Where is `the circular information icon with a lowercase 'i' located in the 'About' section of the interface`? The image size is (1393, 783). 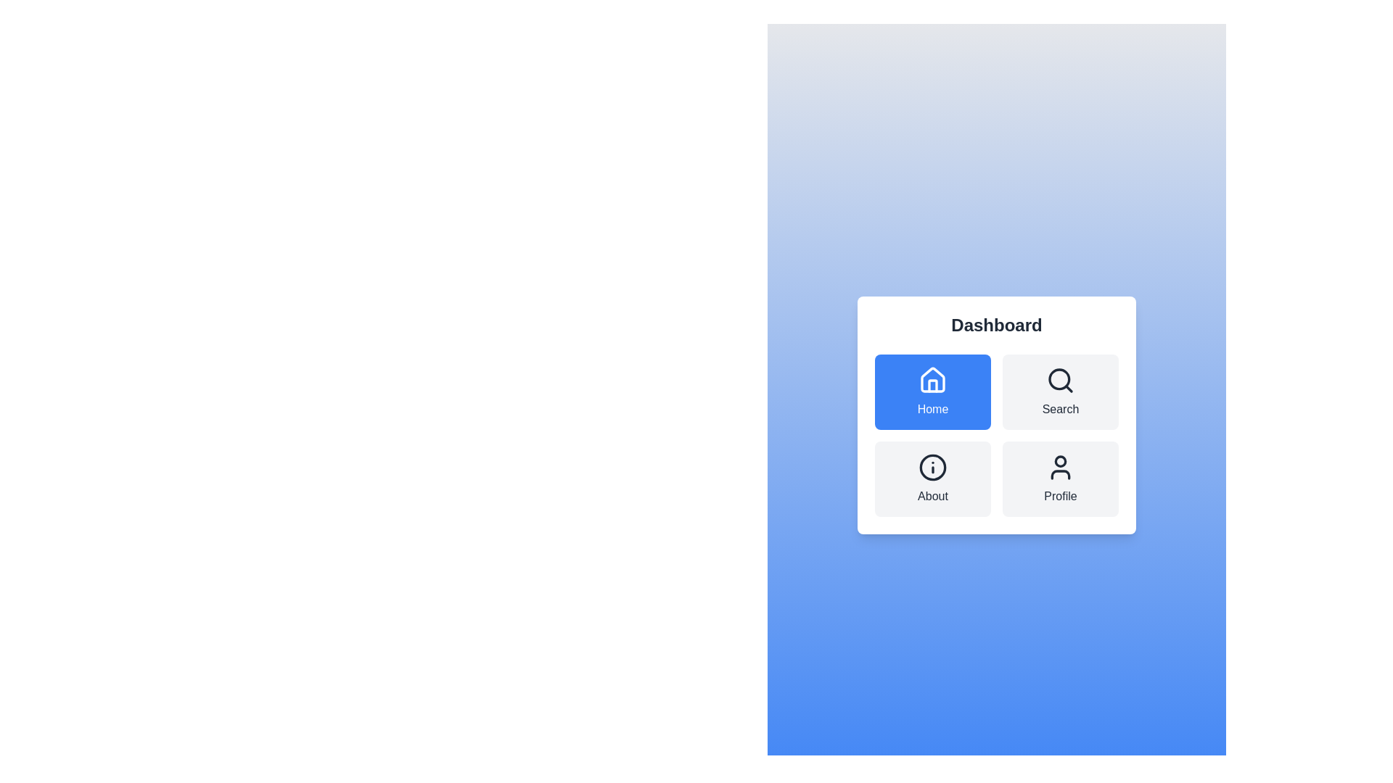 the circular information icon with a lowercase 'i' located in the 'About' section of the interface is located at coordinates (933, 467).